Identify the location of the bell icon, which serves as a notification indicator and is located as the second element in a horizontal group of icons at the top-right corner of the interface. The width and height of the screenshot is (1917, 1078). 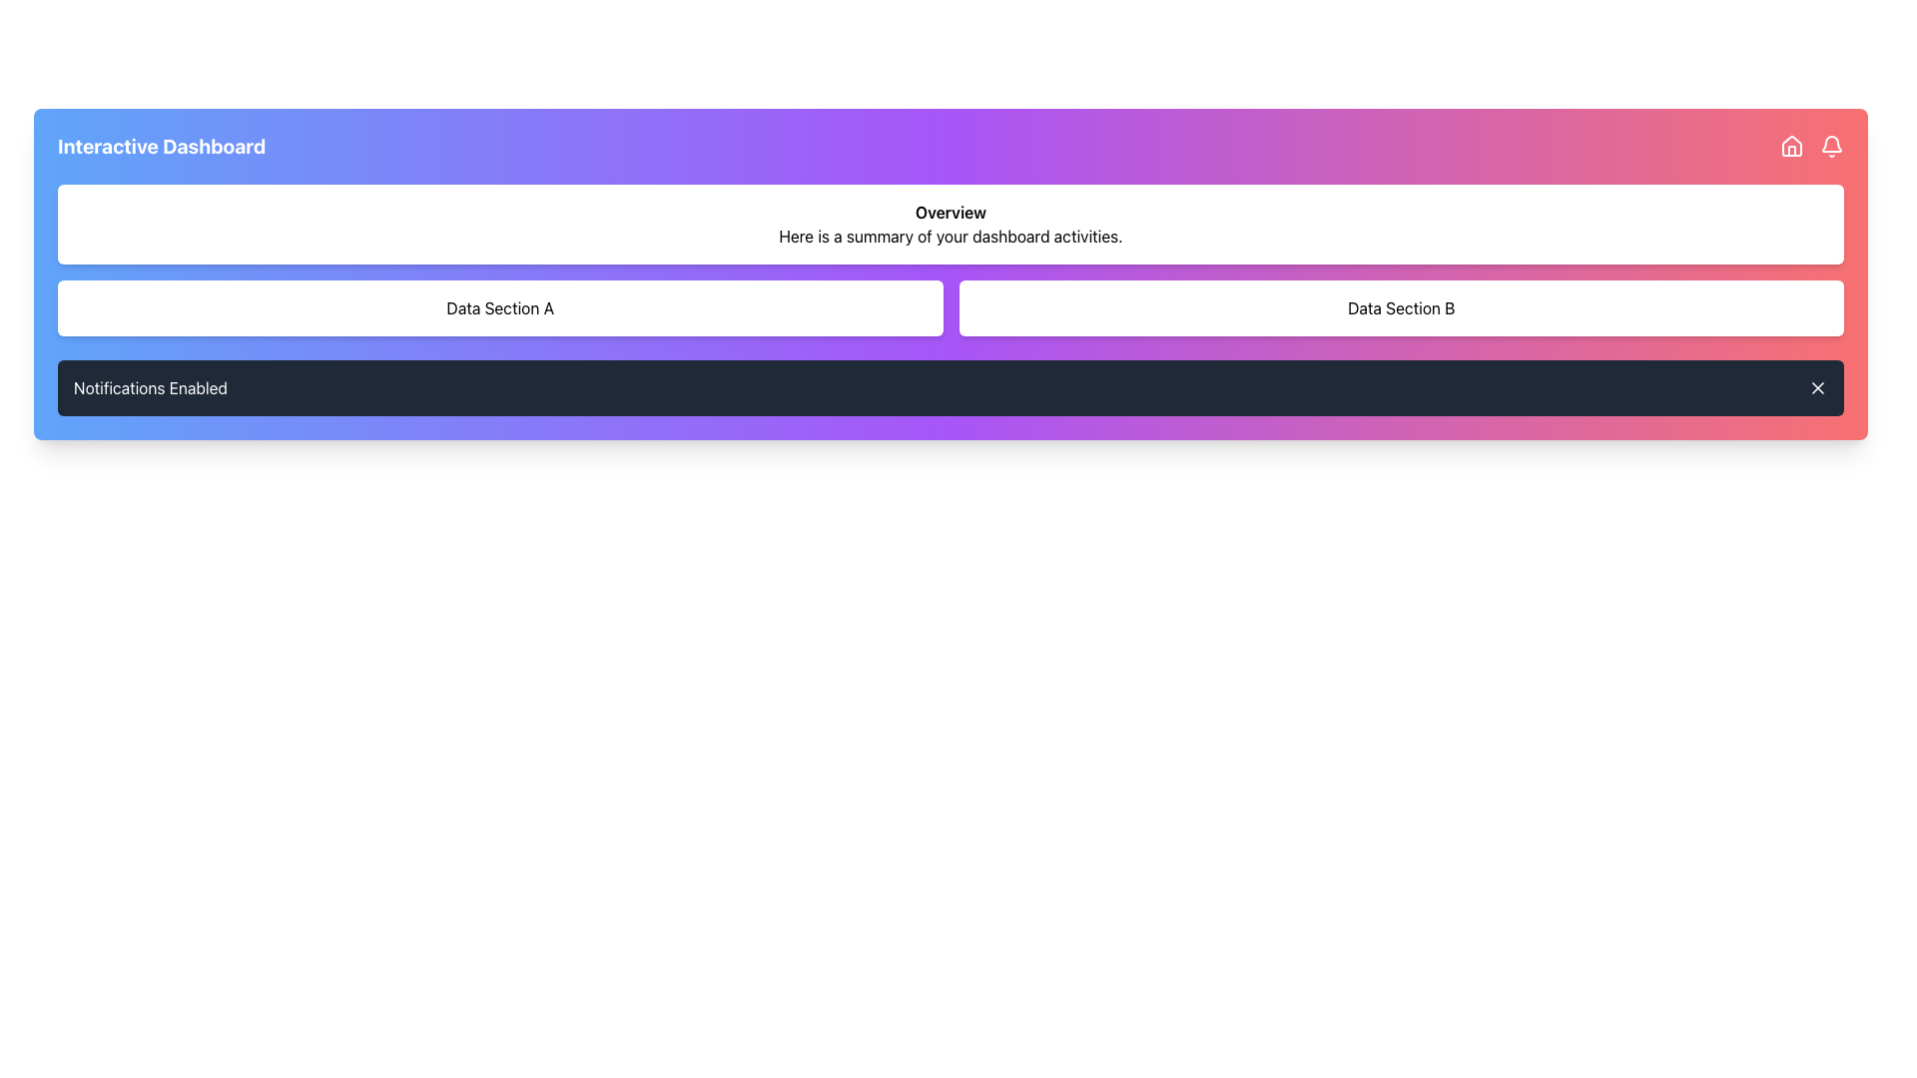
(1831, 145).